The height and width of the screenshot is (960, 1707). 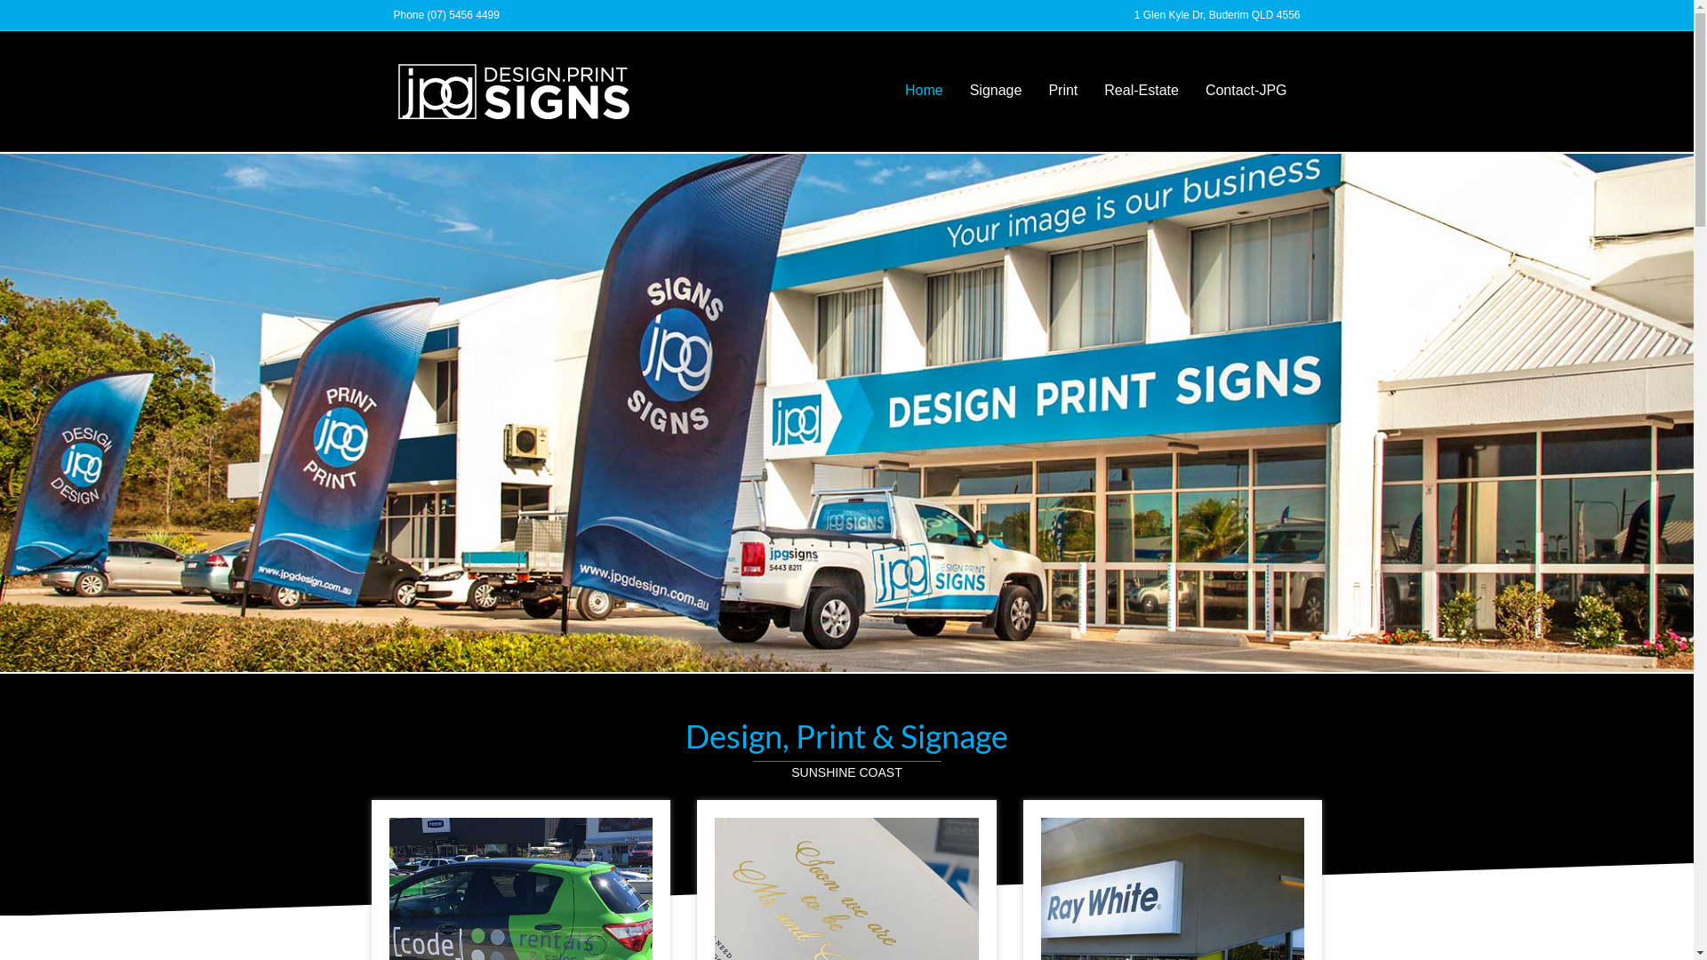 What do you see at coordinates (845, 412) in the screenshot?
I see `'JPG-SIGNS-Maroochydore'` at bounding box center [845, 412].